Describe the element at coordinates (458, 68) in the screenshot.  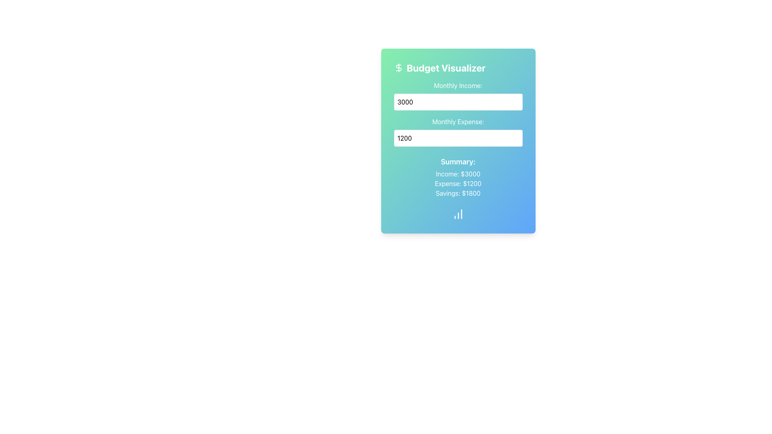
I see `the header text element of the budget visualizer card, which is located in the top-left corner, adjacent to the dollar sign icon` at that location.